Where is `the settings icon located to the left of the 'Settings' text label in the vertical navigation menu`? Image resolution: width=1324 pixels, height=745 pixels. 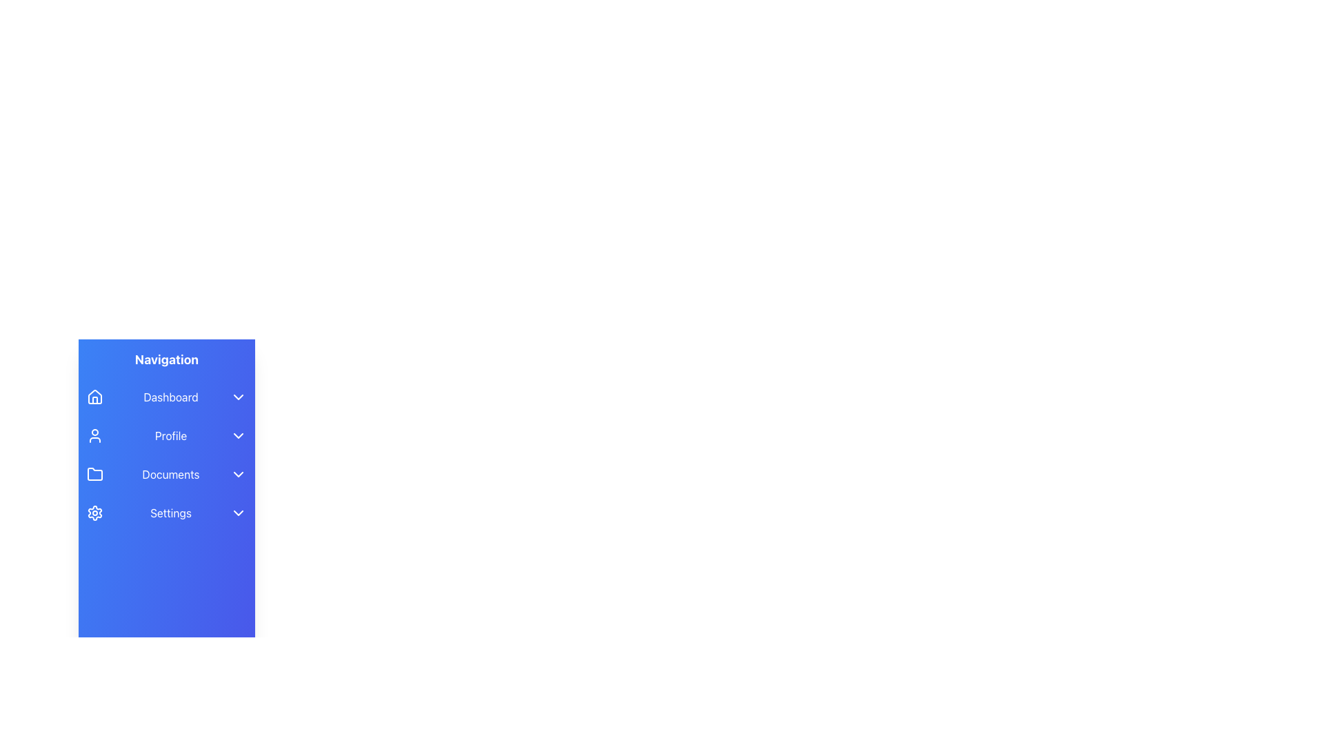
the settings icon located to the left of the 'Settings' text label in the vertical navigation menu is located at coordinates (94, 513).